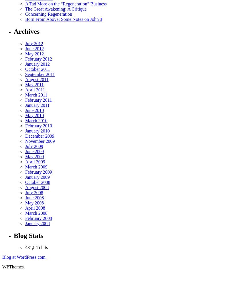 The height and width of the screenshot is (281, 229). Describe the element at coordinates (26, 31) in the screenshot. I see `'Archives'` at that location.